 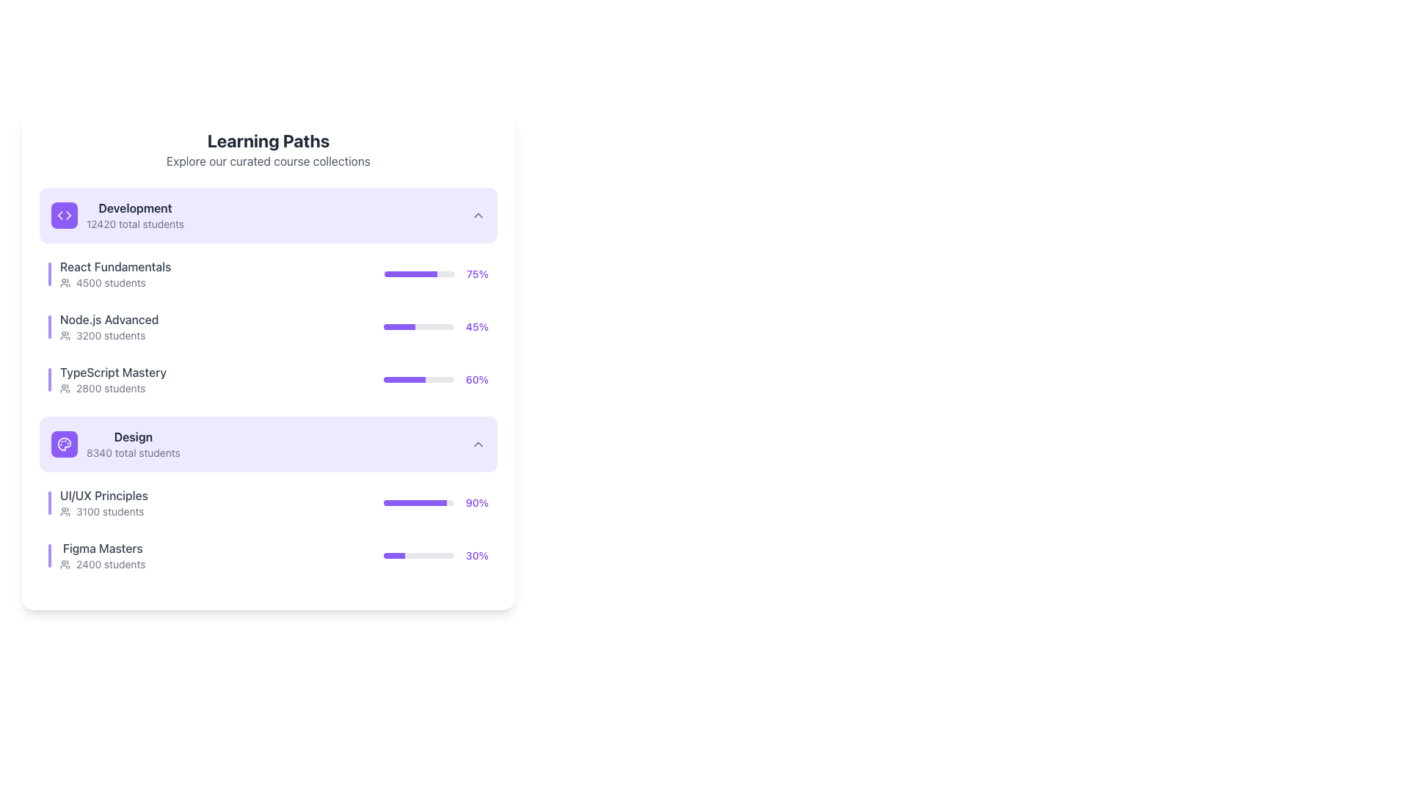 I want to click on text displayed in the Text Label that shows the total number of students enrolled in the 'UI/UX Principles' course, located below the section header in the 'Design' section, so click(x=103, y=511).